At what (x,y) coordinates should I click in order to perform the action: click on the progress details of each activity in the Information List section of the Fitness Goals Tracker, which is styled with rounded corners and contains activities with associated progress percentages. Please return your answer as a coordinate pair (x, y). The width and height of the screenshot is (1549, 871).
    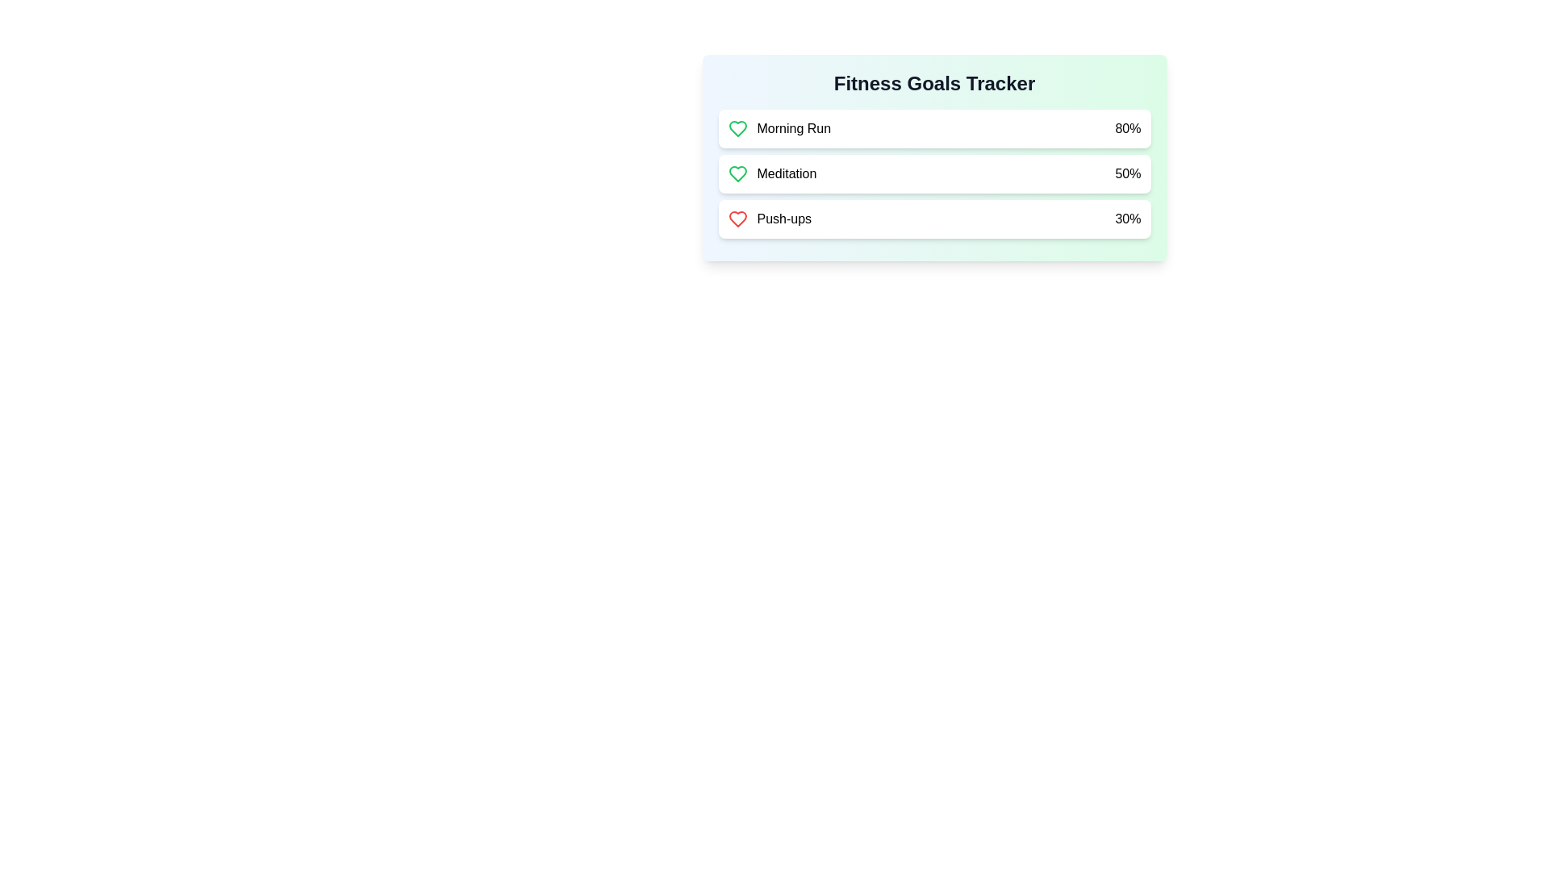
    Looking at the image, I should click on (934, 177).